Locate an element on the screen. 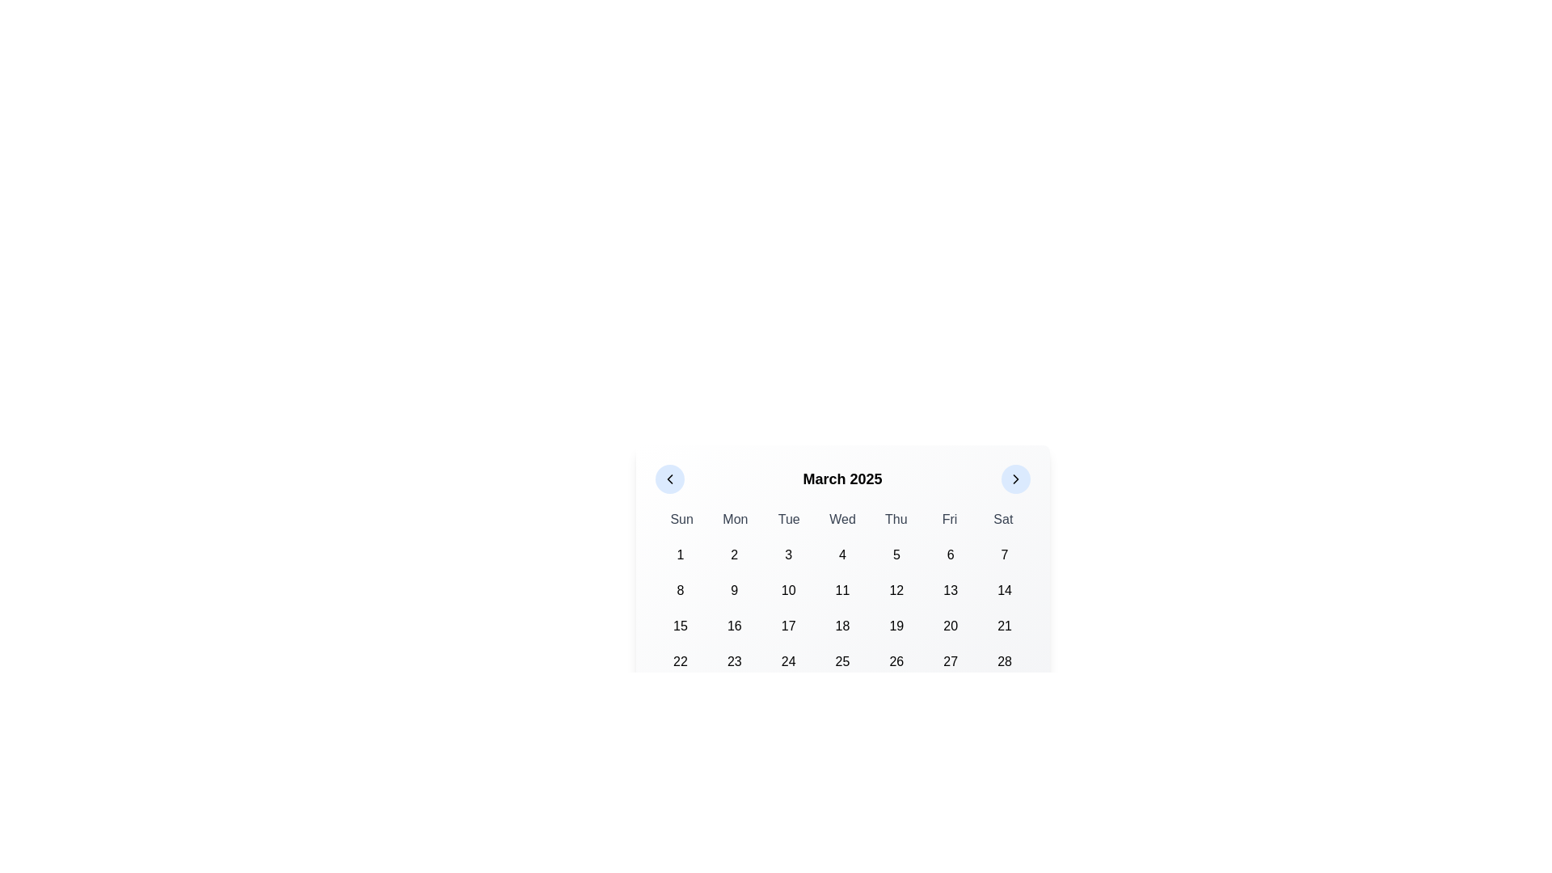 The height and width of the screenshot is (873, 1552). the button displaying the numeric value '3' is located at coordinates (788, 554).